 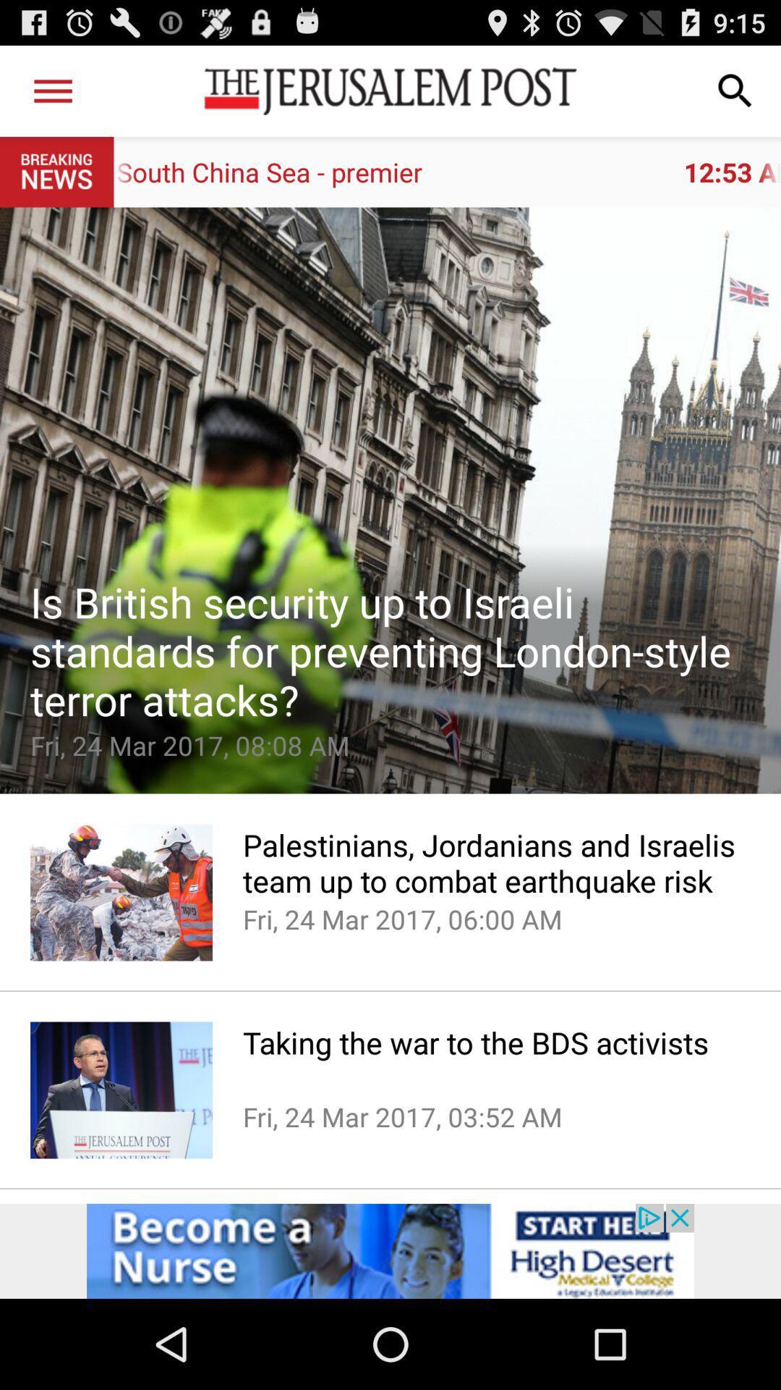 What do you see at coordinates (735, 90) in the screenshot?
I see `the icon at the top right corner` at bounding box center [735, 90].